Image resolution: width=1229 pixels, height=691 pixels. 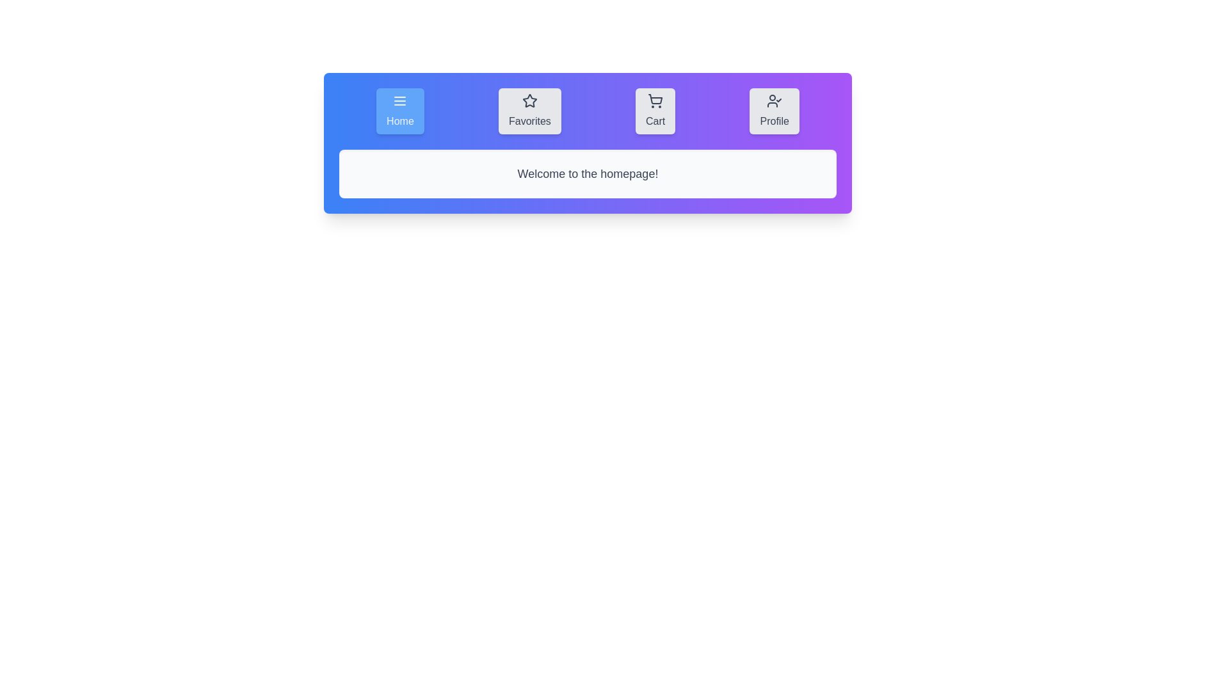 What do you see at coordinates (399, 100) in the screenshot?
I see `the three-line horizontal menu icon located within the 'Home' button in the top navigation bar` at bounding box center [399, 100].